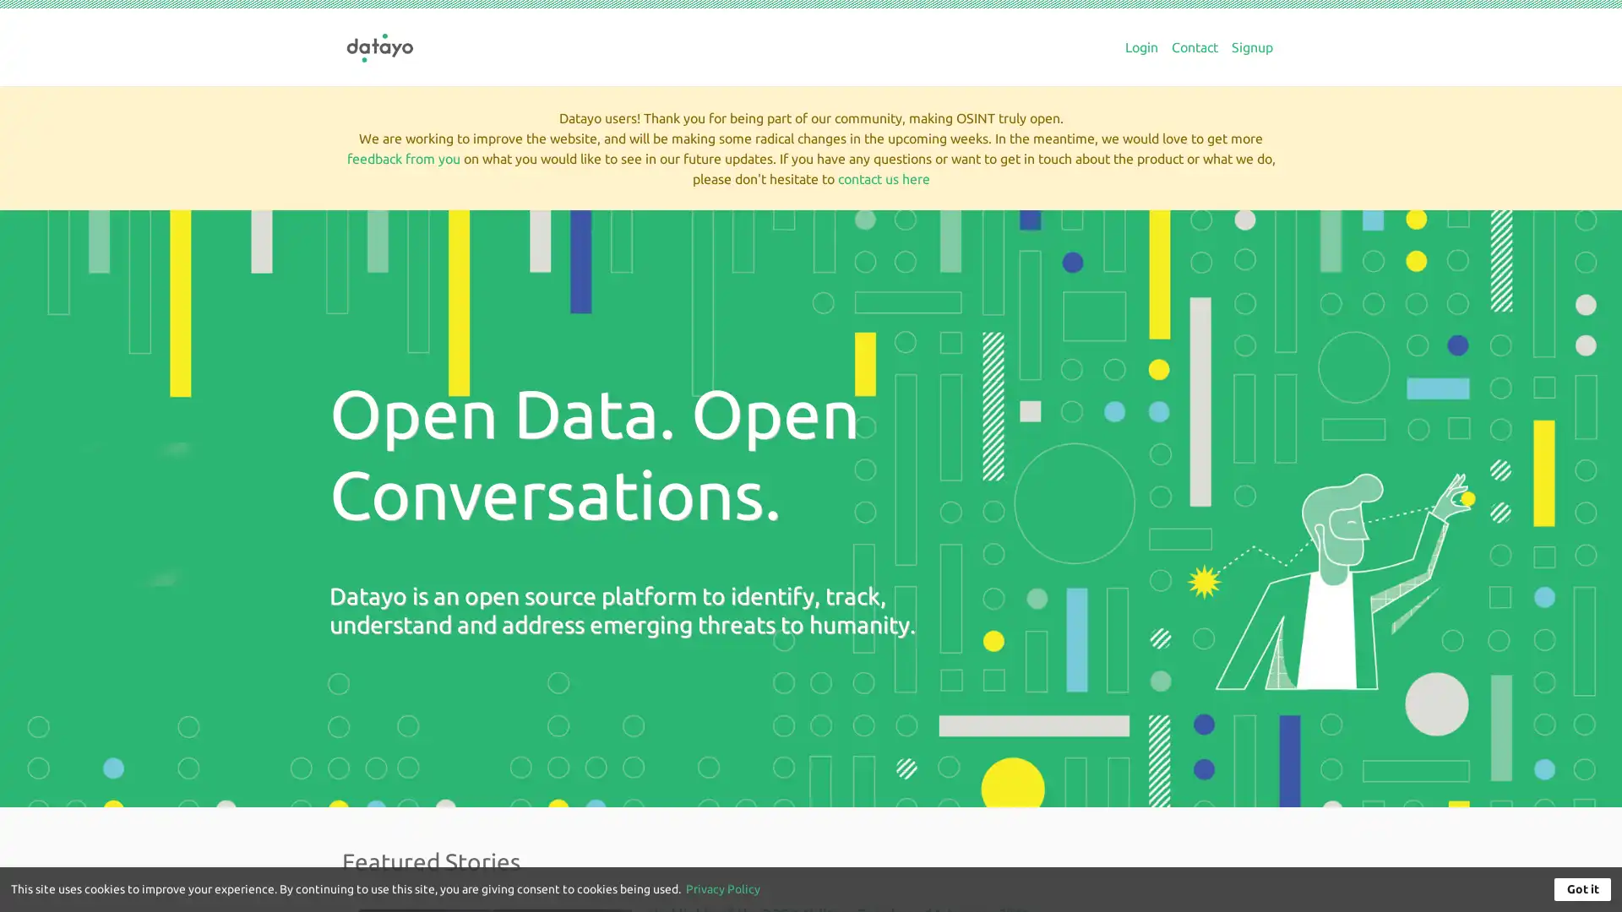 This screenshot has width=1622, height=912. Describe the element at coordinates (1581, 888) in the screenshot. I see `Got it` at that location.